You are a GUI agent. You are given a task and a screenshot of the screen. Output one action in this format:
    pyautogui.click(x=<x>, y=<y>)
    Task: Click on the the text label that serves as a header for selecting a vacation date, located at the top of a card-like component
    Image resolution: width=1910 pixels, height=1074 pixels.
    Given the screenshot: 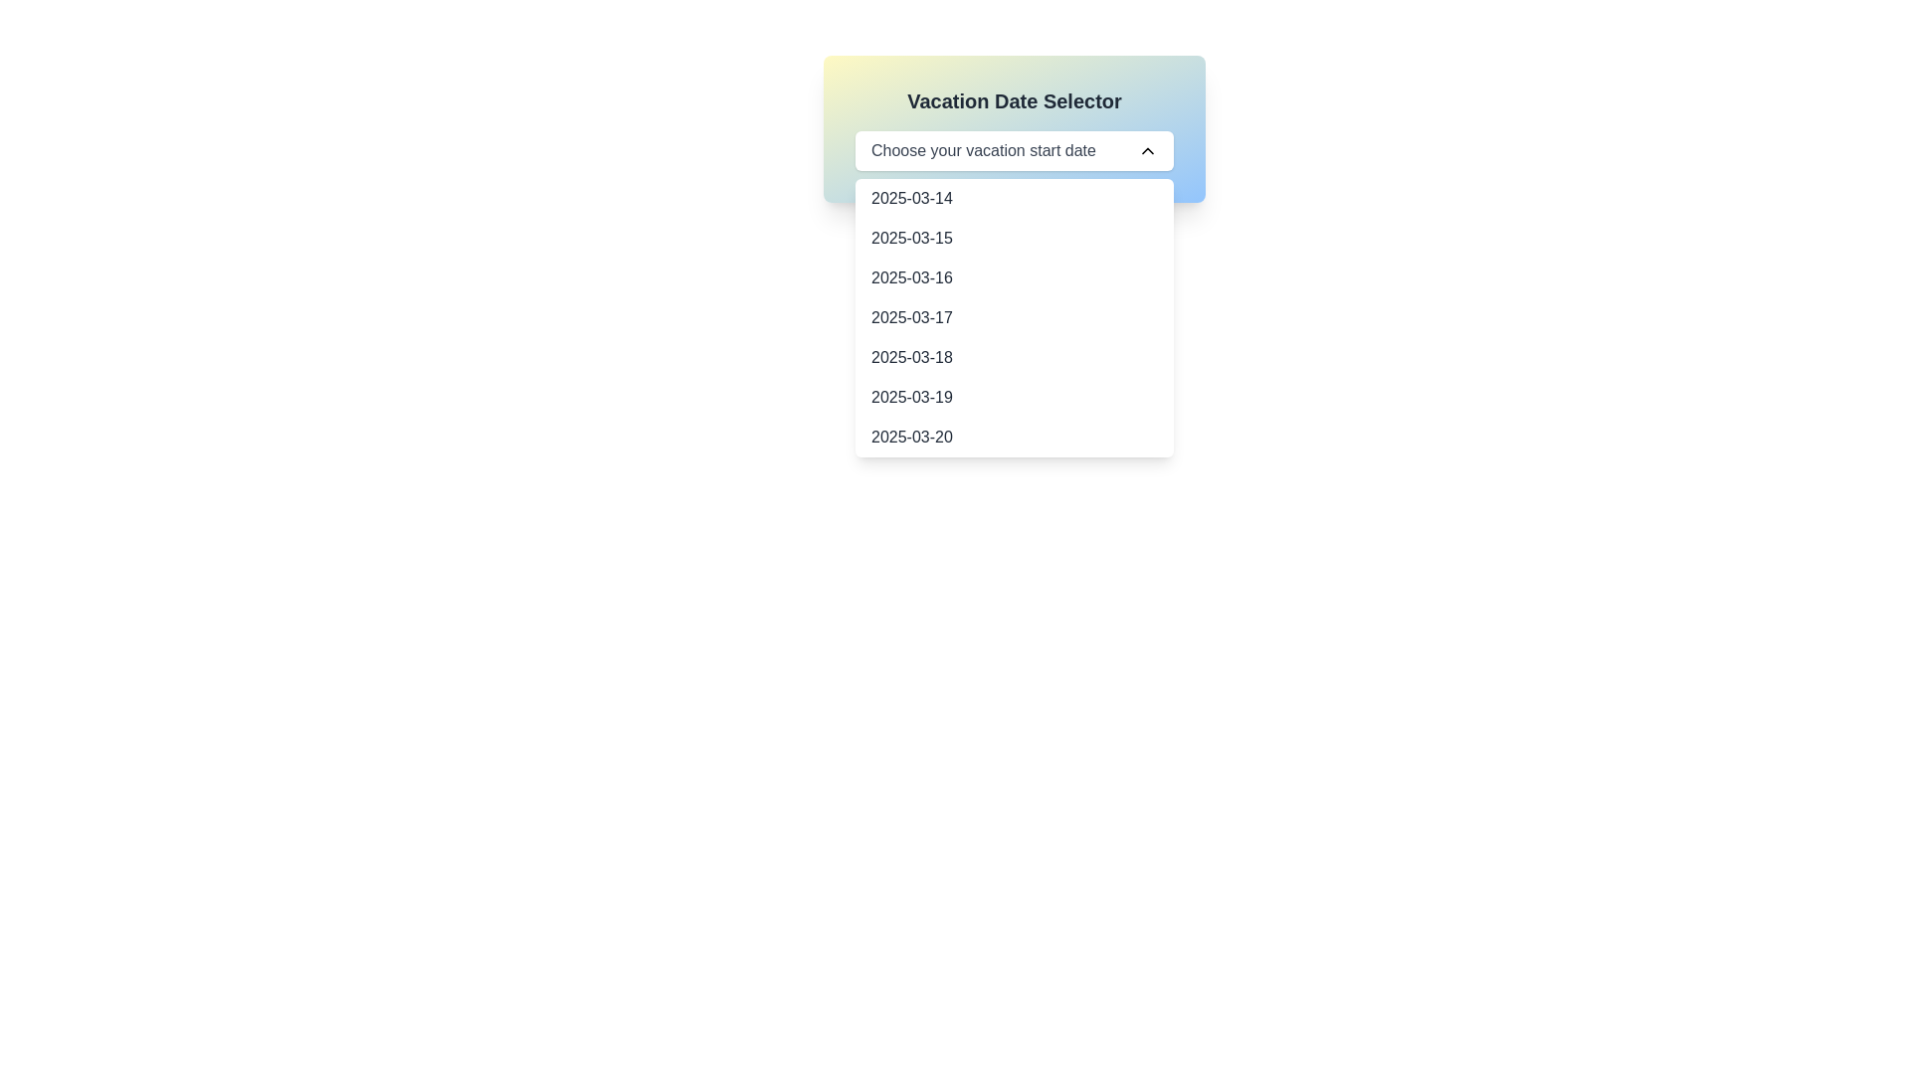 What is the action you would take?
    pyautogui.click(x=1014, y=100)
    